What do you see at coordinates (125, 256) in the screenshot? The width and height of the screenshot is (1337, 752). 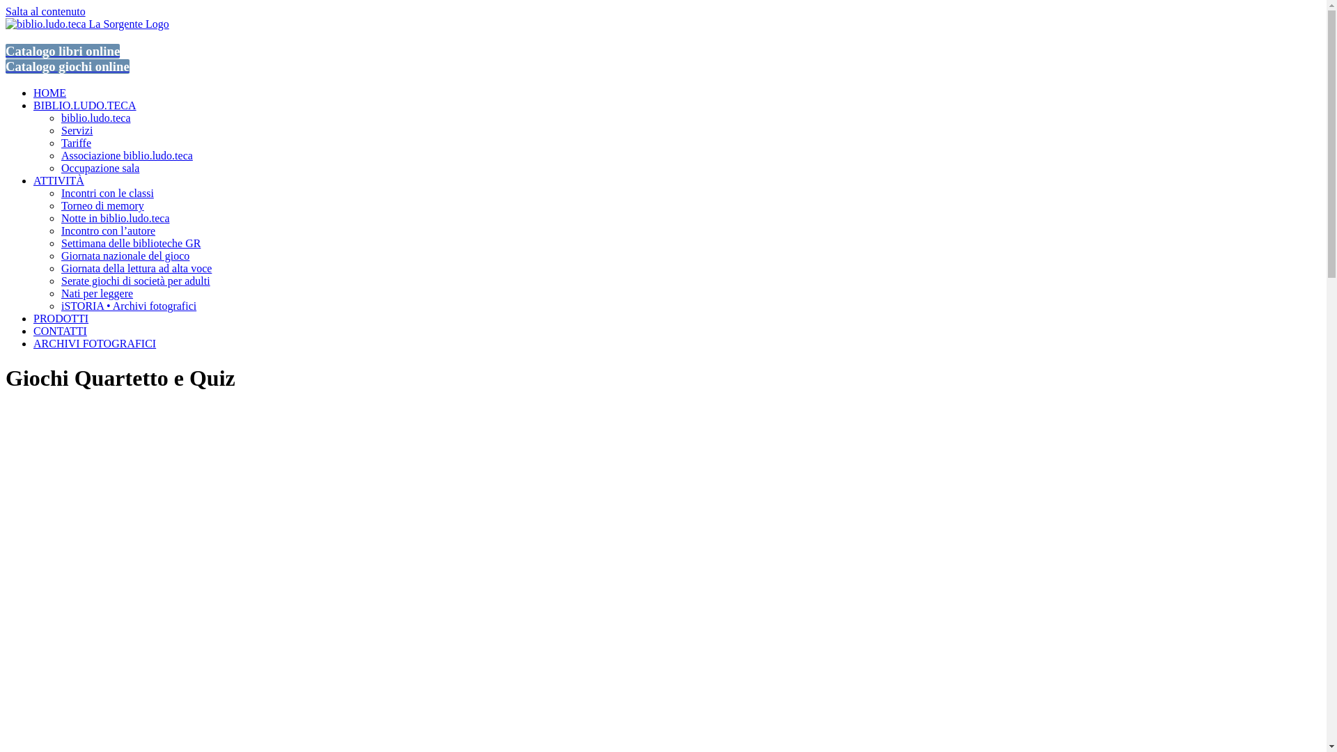 I see `'Giornata nazionale del gioco'` at bounding box center [125, 256].